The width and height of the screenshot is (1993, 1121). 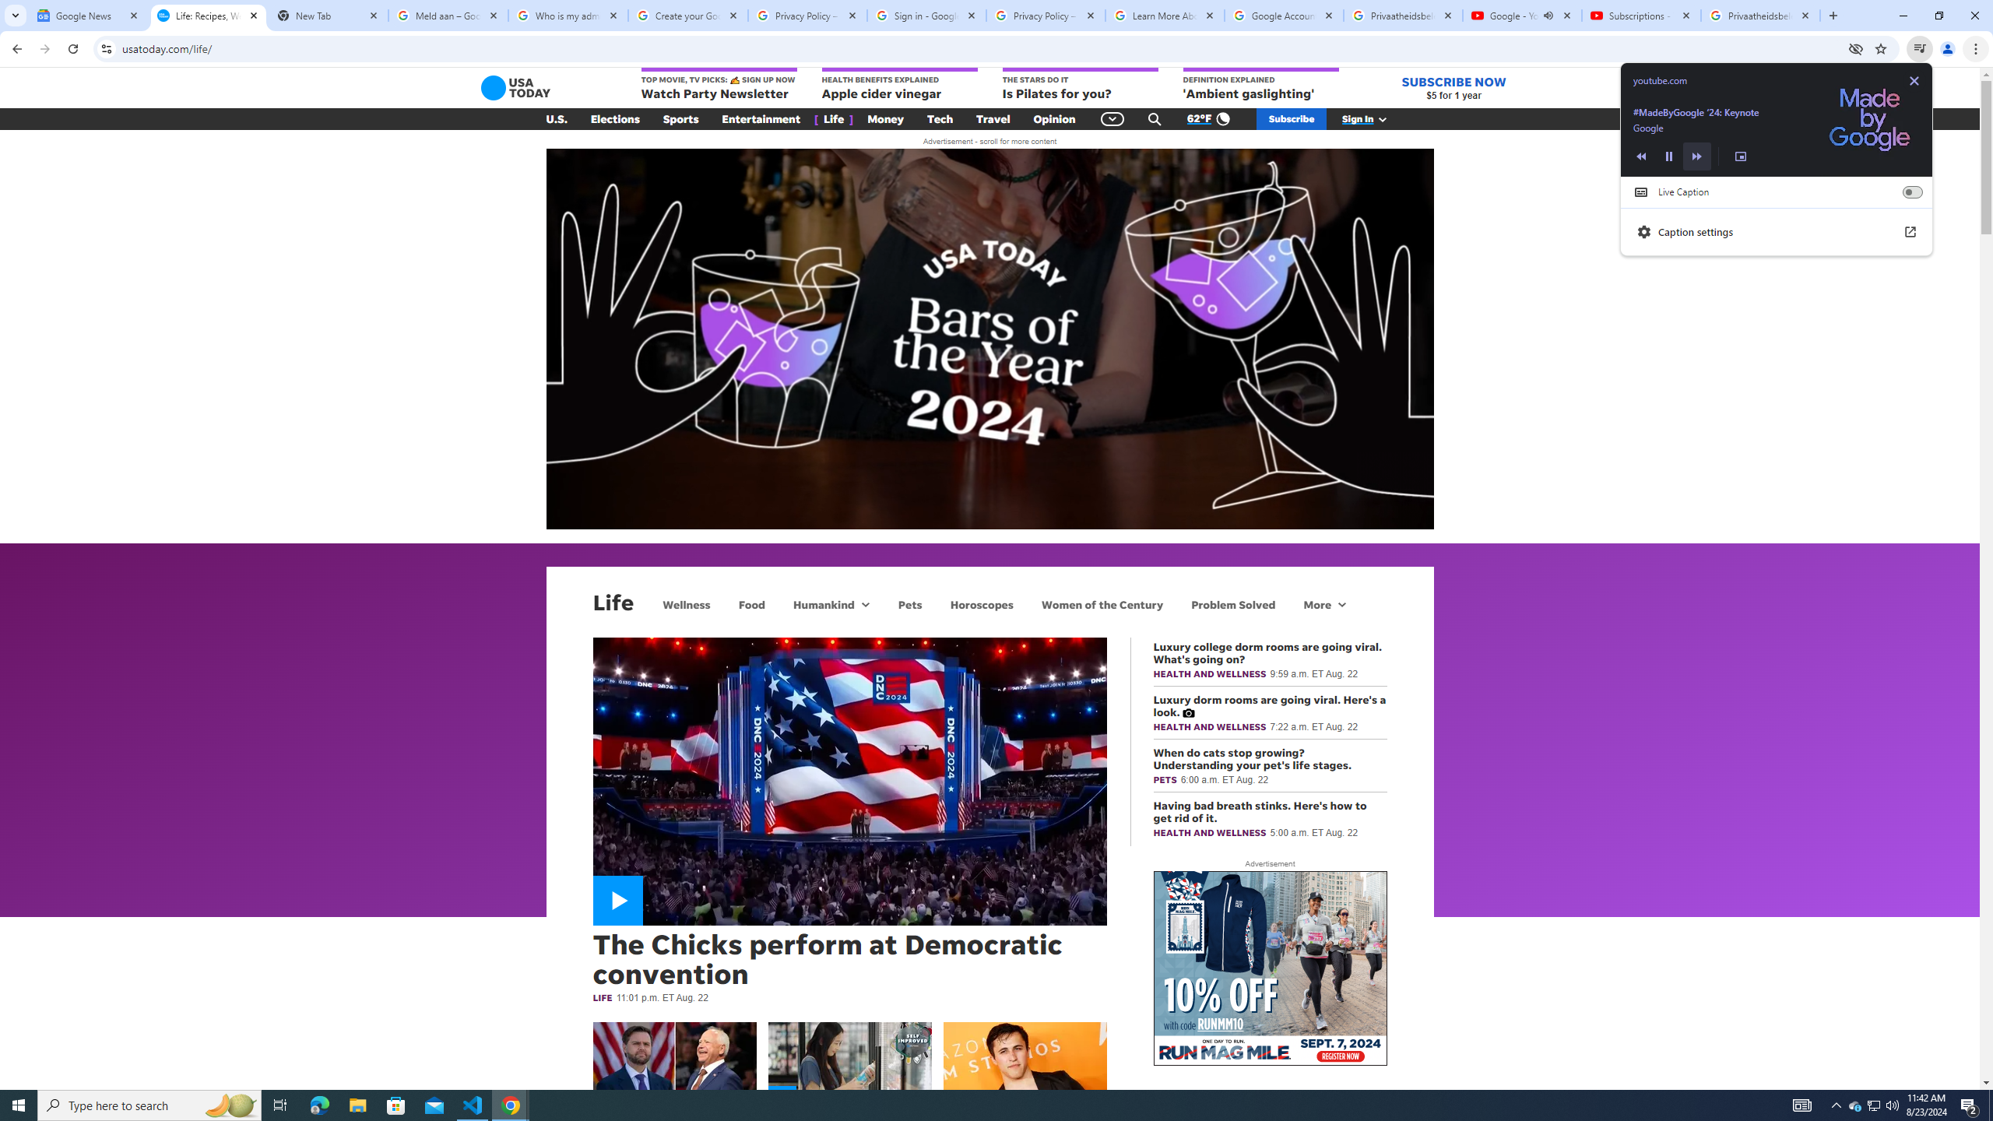 What do you see at coordinates (1891, 1104) in the screenshot?
I see `'Q2790: 100%'` at bounding box center [1891, 1104].